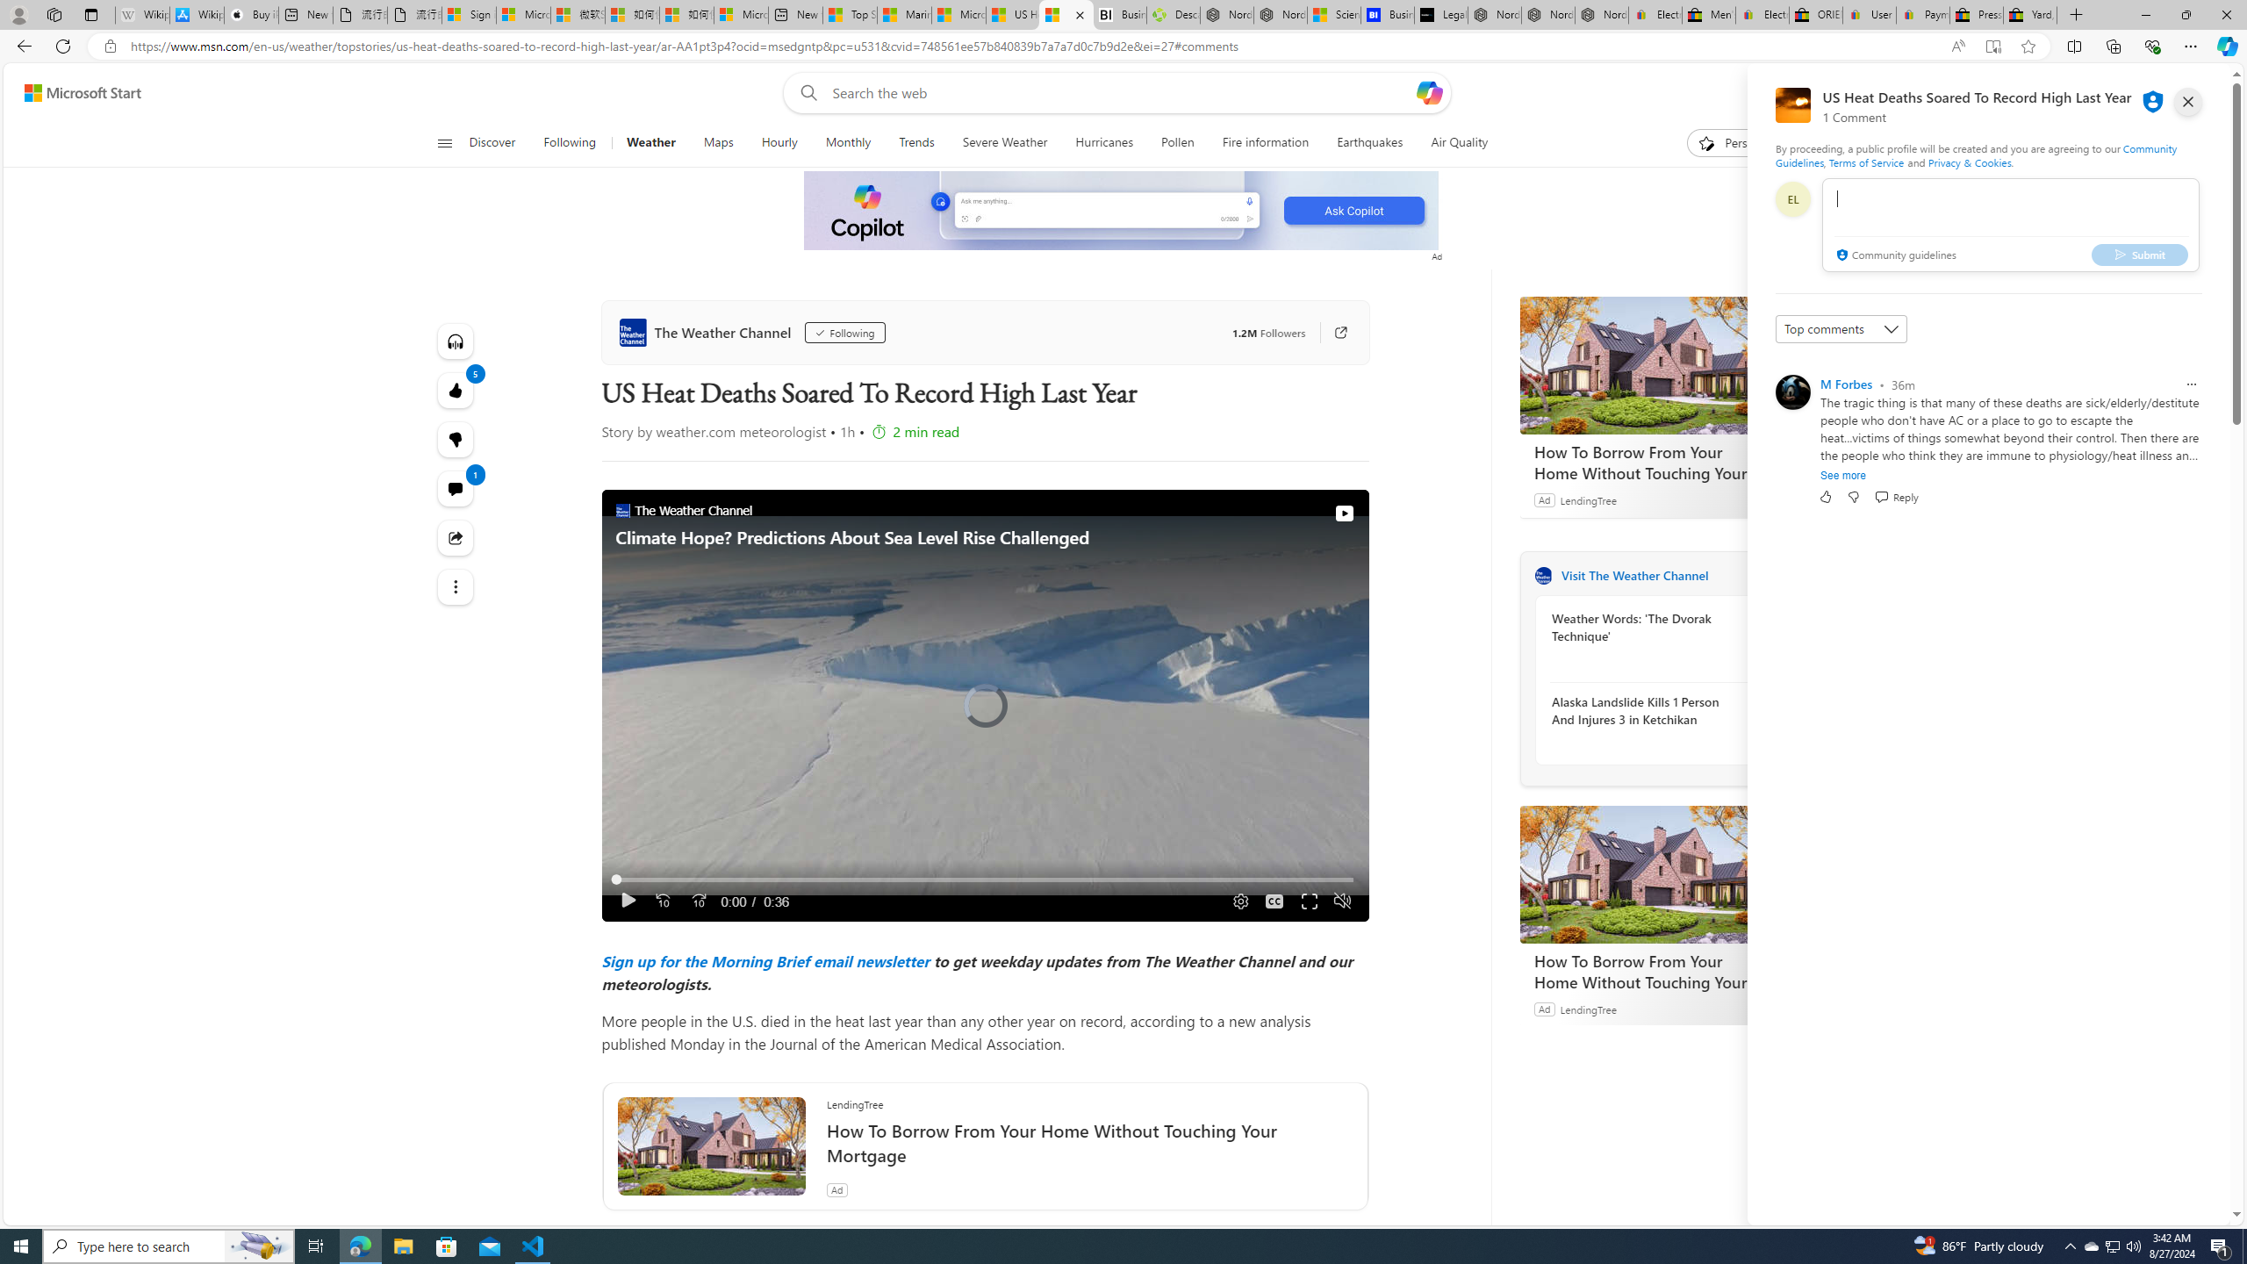  What do you see at coordinates (1840, 329) in the screenshot?
I see `'Sort comments by'` at bounding box center [1840, 329].